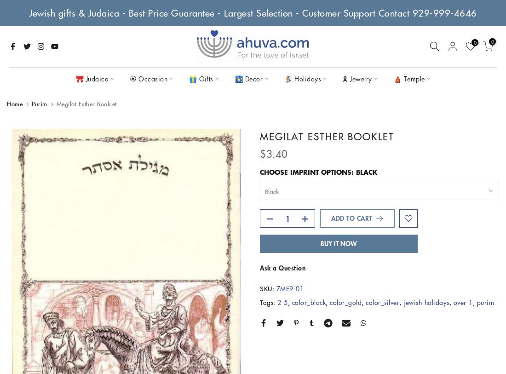 This screenshot has height=374, width=506. I want to click on 'Jewish gifts & Judaica - Best Price Guarantee - Largest Selection - Customer Support Contact 929-999-4646', so click(253, 12).